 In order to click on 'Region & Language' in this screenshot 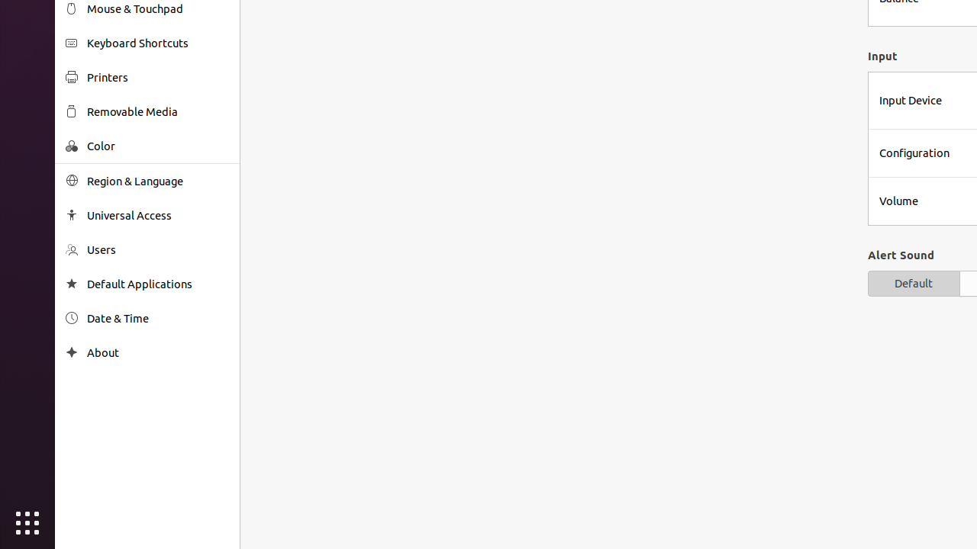, I will do `click(157, 180)`.